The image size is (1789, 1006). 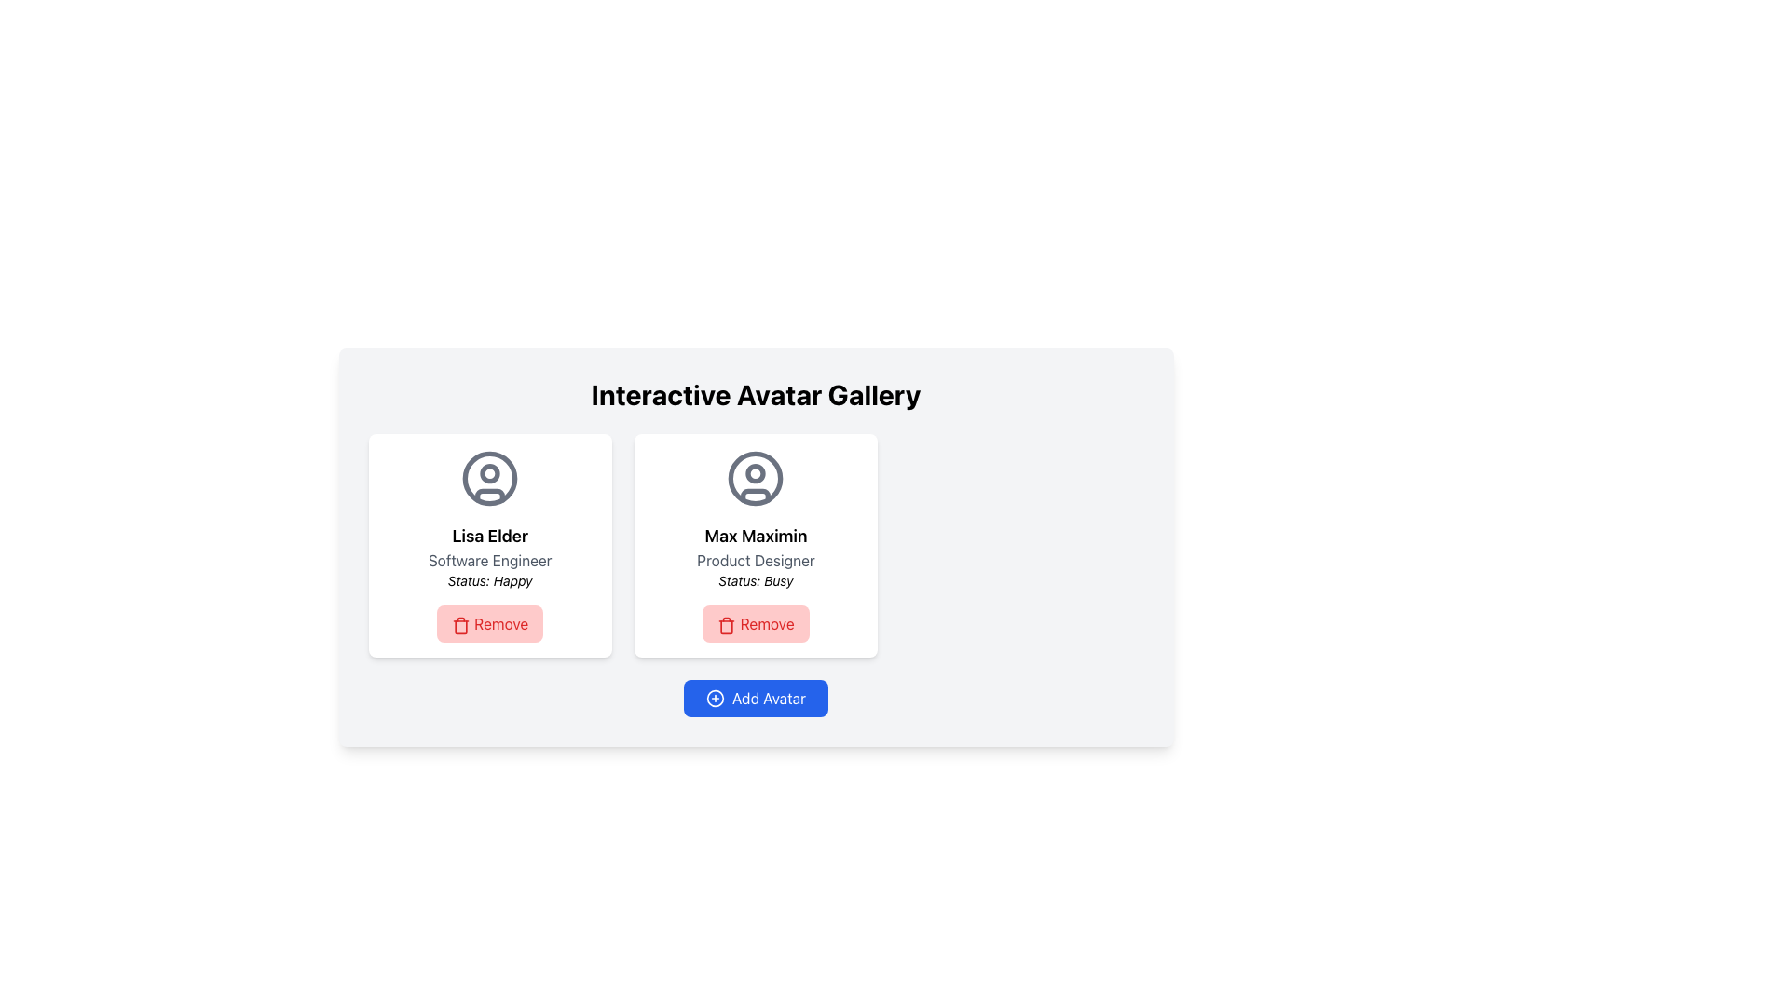 I want to click on static text label displaying the name 'Lisa Elder' located at the top center of the associated card, so click(x=490, y=536).